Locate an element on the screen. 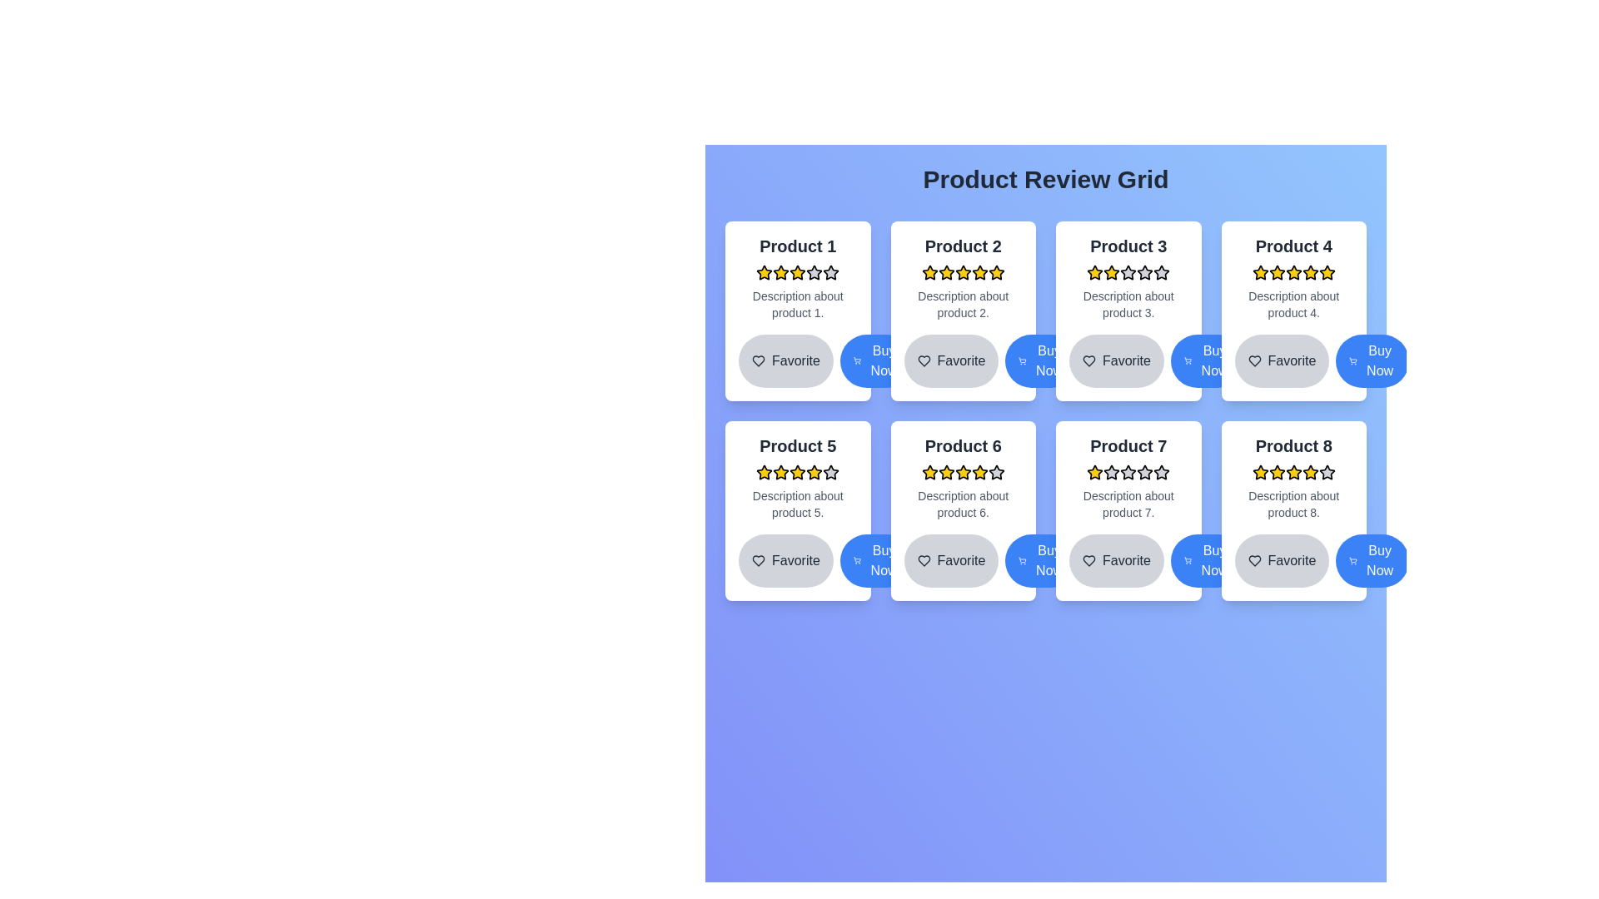 This screenshot has width=1599, height=899. the second button from the right in the second row of the product grid, located directly below the 'Favorite' button for Product 5 is located at coordinates (875, 561).